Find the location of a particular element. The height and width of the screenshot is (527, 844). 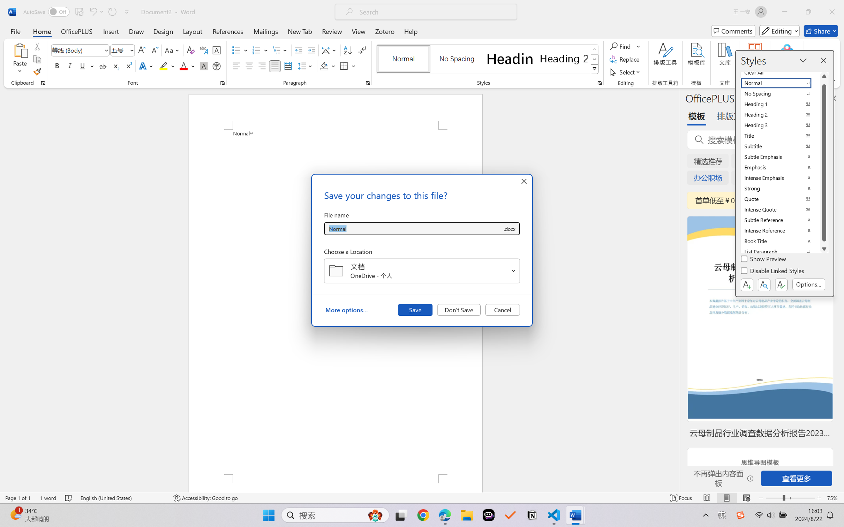

'Cancel' is located at coordinates (502, 309).